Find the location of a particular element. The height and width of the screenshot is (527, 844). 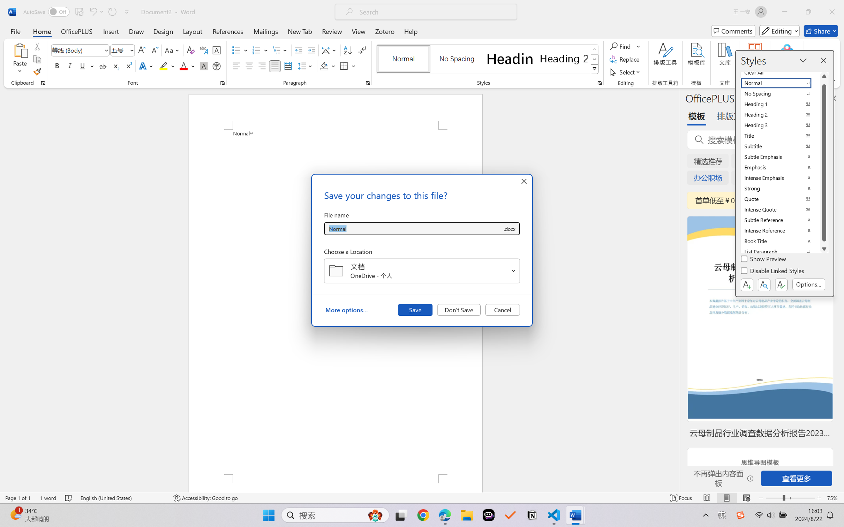

'Cancel' is located at coordinates (502, 309).